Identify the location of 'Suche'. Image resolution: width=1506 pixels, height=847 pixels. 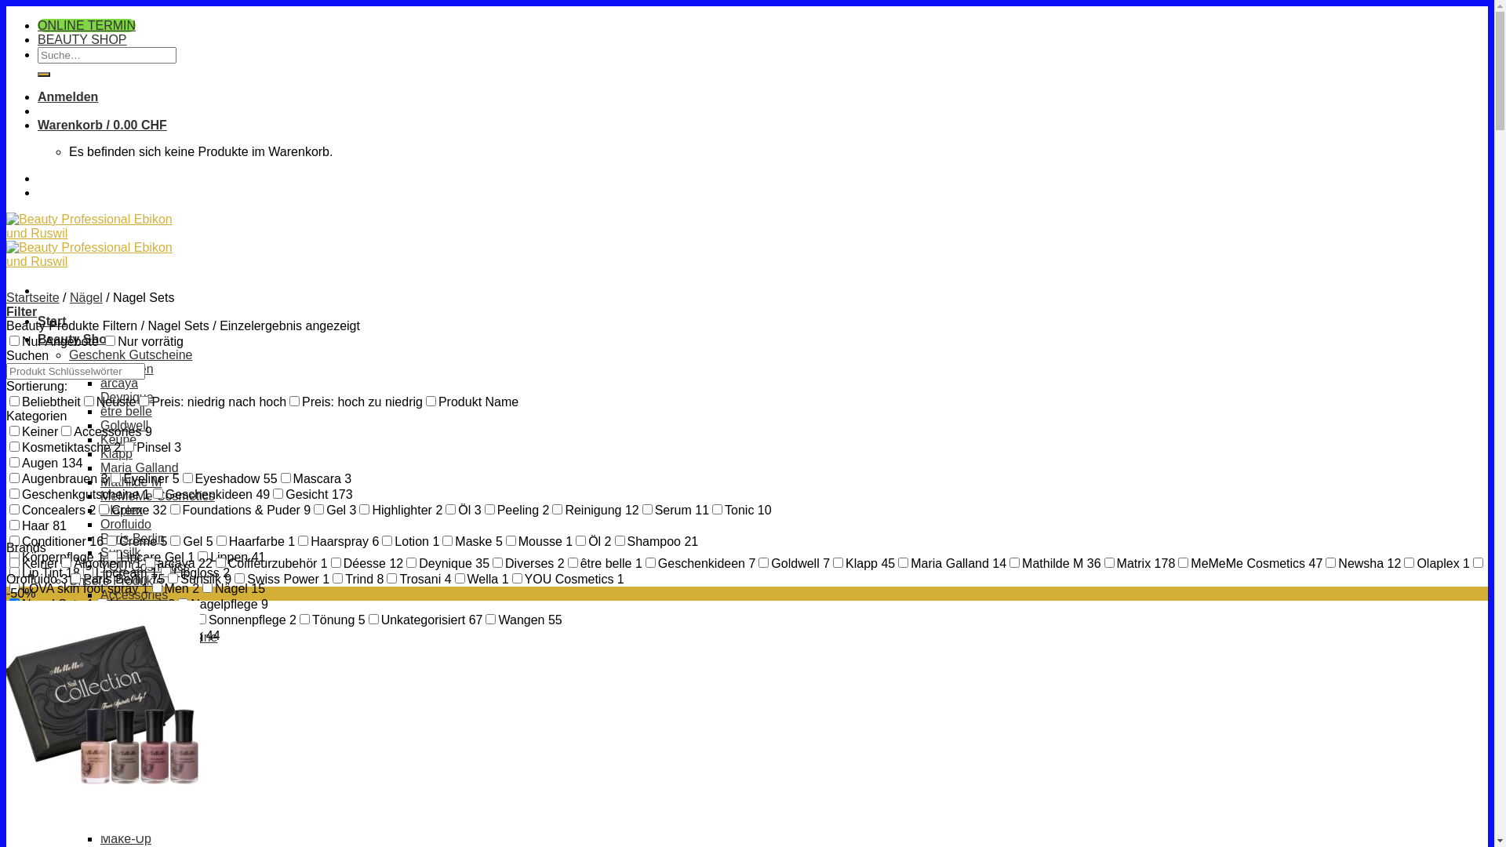
(44, 75).